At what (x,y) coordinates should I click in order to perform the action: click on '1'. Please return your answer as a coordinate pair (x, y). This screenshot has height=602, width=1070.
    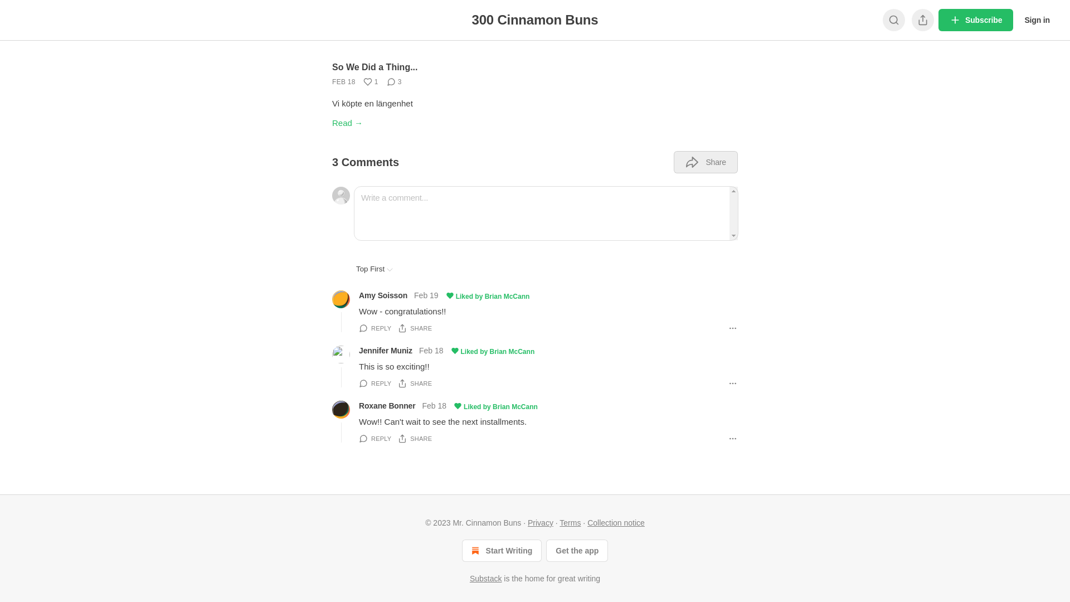
    Looking at the image, I should click on (361, 81).